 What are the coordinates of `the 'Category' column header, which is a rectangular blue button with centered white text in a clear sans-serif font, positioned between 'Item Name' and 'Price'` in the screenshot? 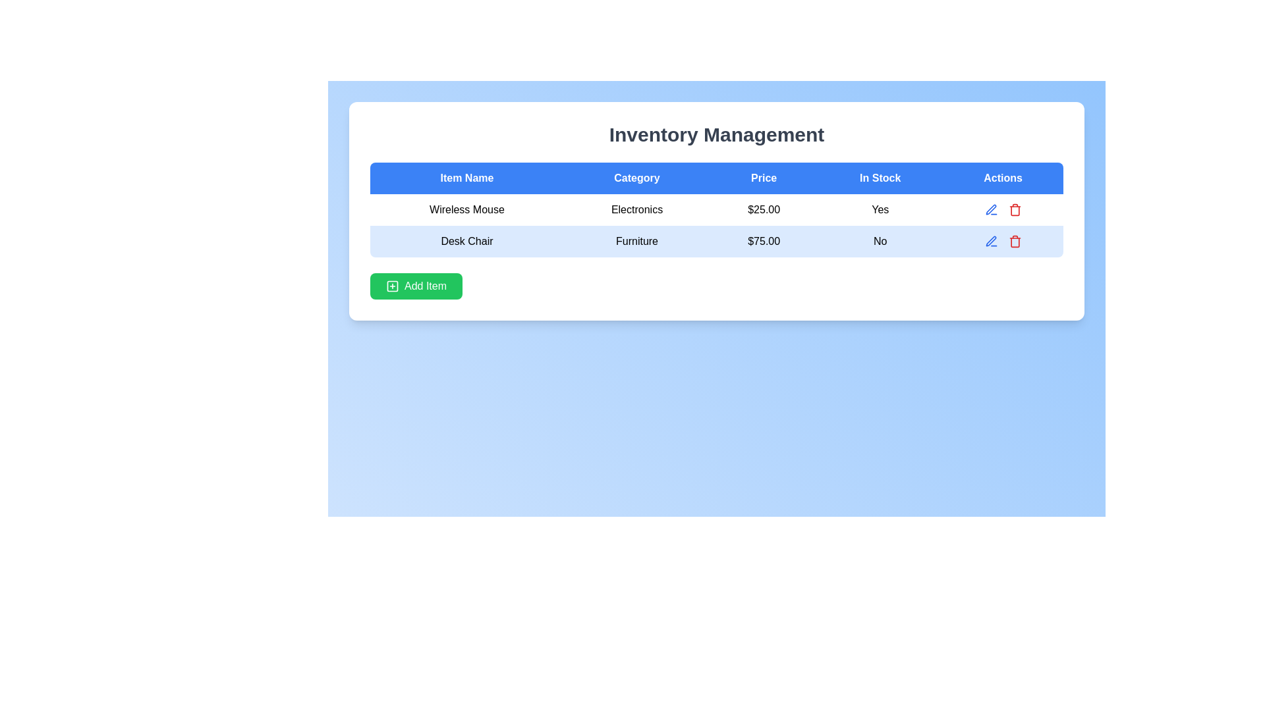 It's located at (636, 178).